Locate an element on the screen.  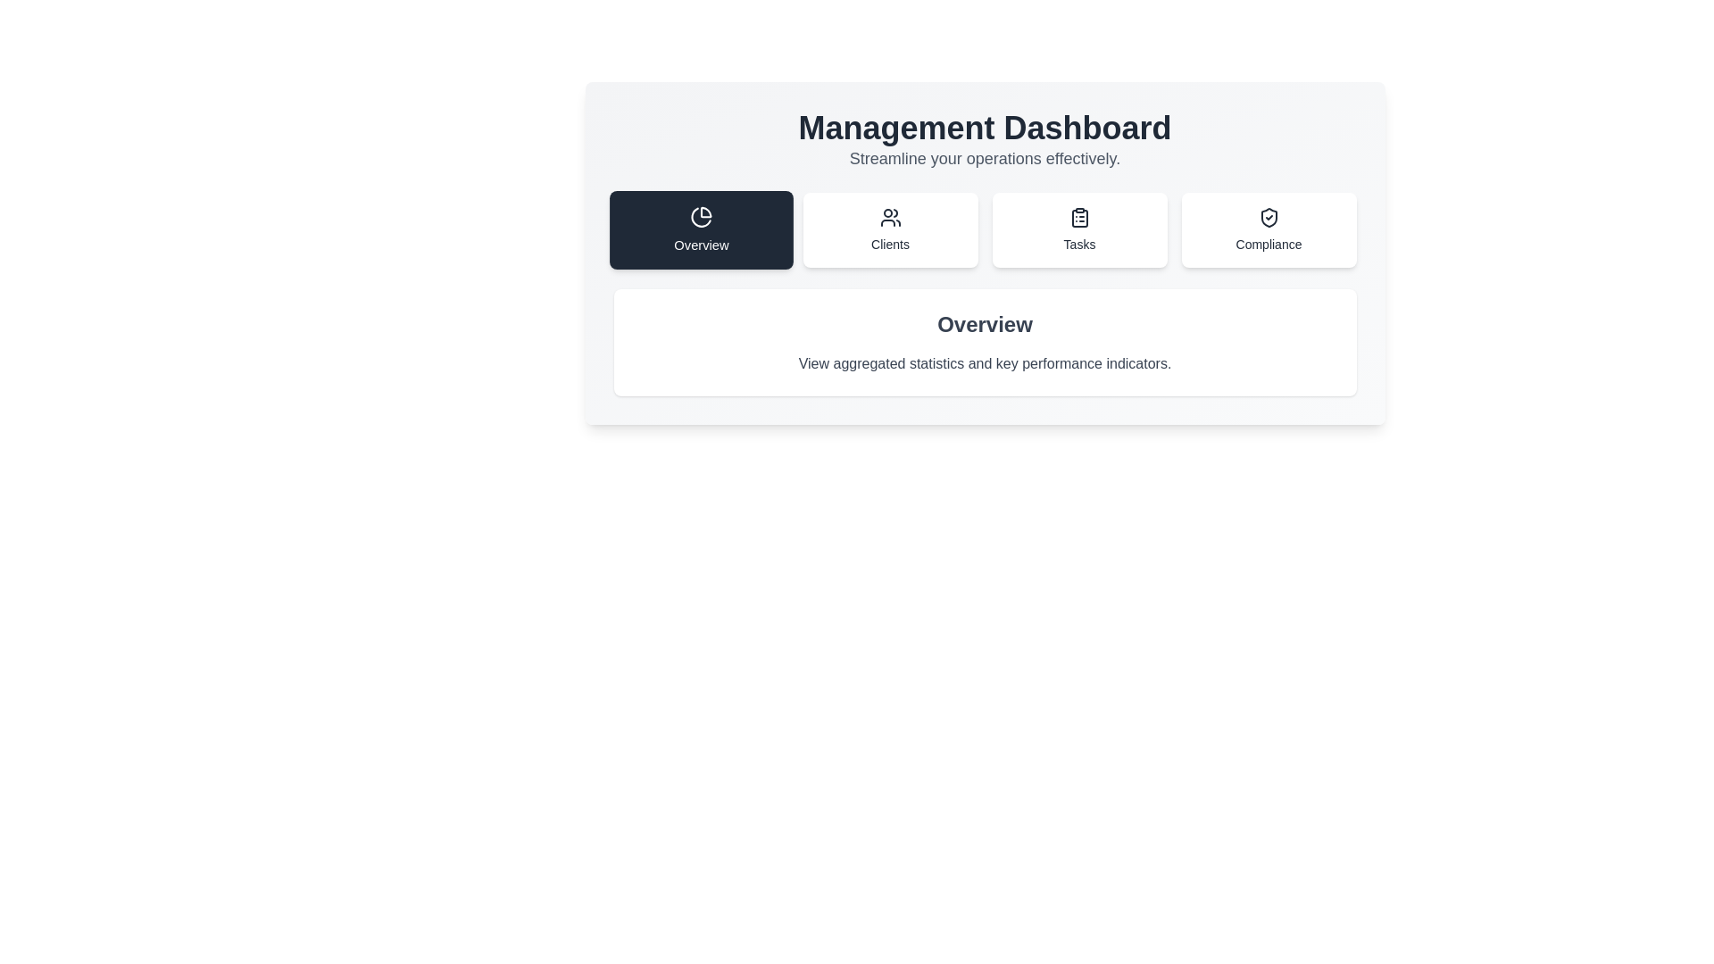
the Compliance tab to view its content is located at coordinates (1268, 229).